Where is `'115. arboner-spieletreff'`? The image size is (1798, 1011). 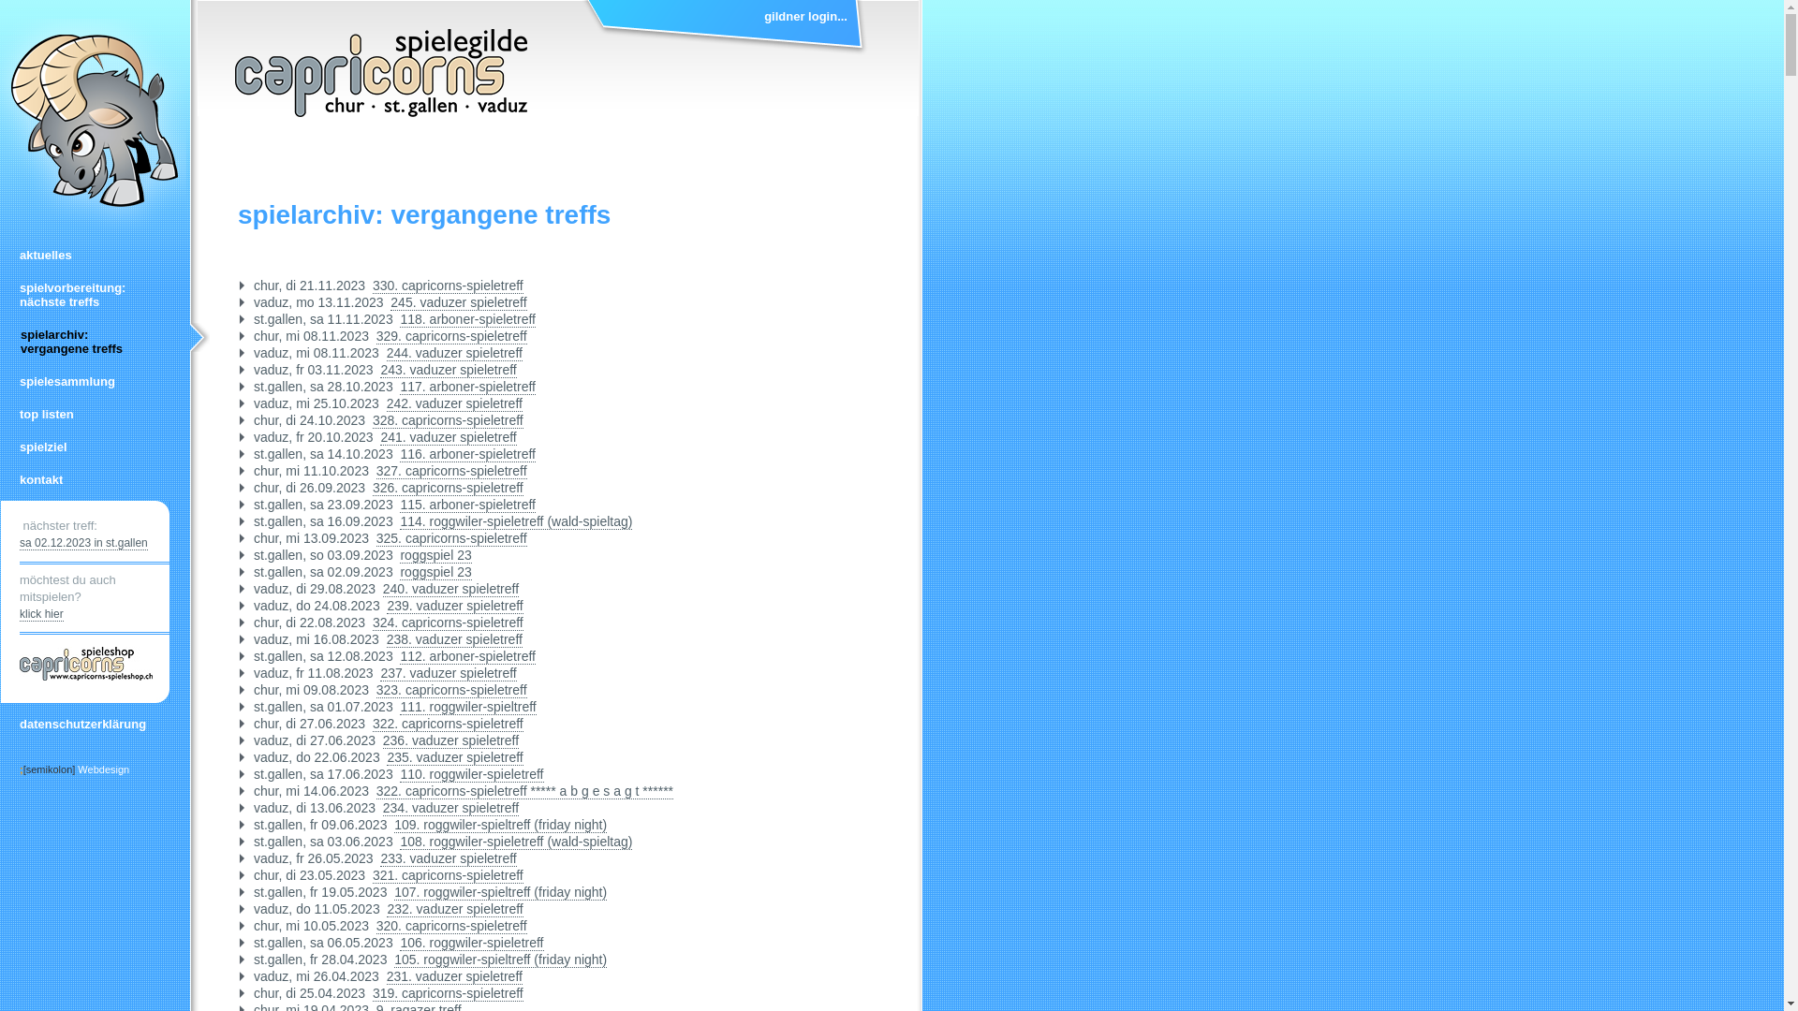 '115. arboner-spieletreff' is located at coordinates (467, 504).